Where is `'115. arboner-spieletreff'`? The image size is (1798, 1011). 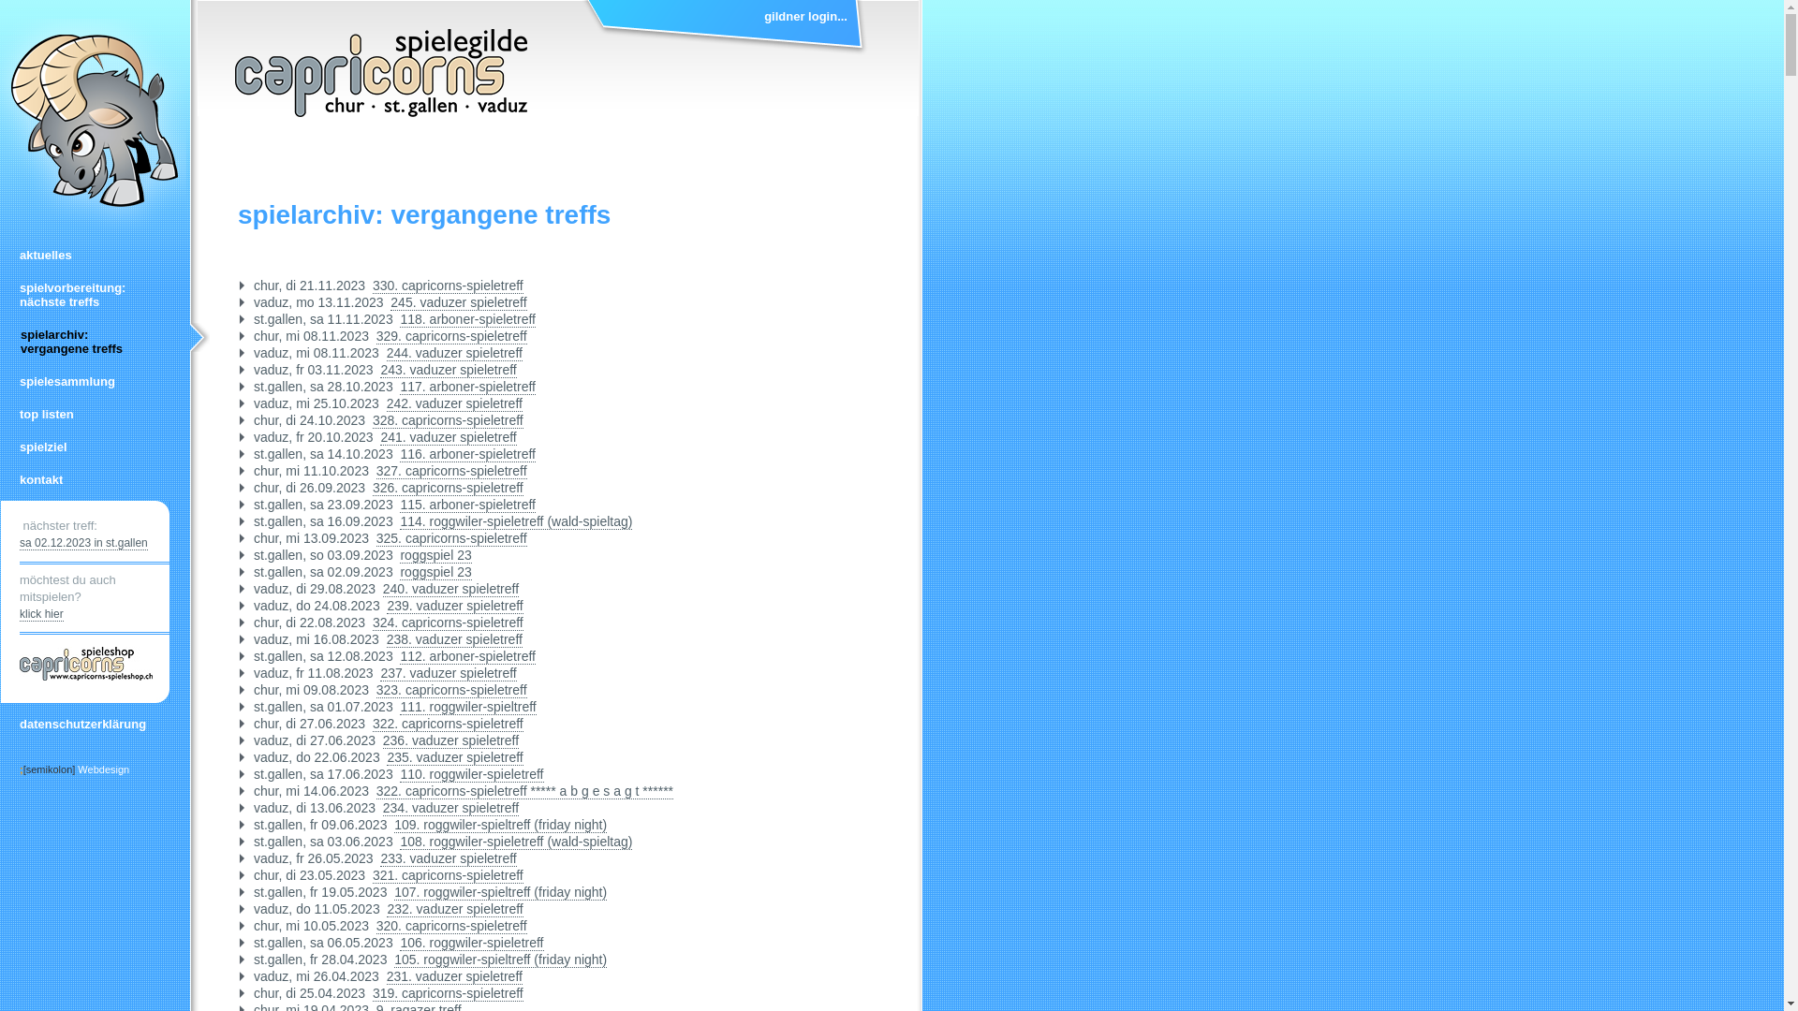 '115. arboner-spieletreff' is located at coordinates (467, 504).